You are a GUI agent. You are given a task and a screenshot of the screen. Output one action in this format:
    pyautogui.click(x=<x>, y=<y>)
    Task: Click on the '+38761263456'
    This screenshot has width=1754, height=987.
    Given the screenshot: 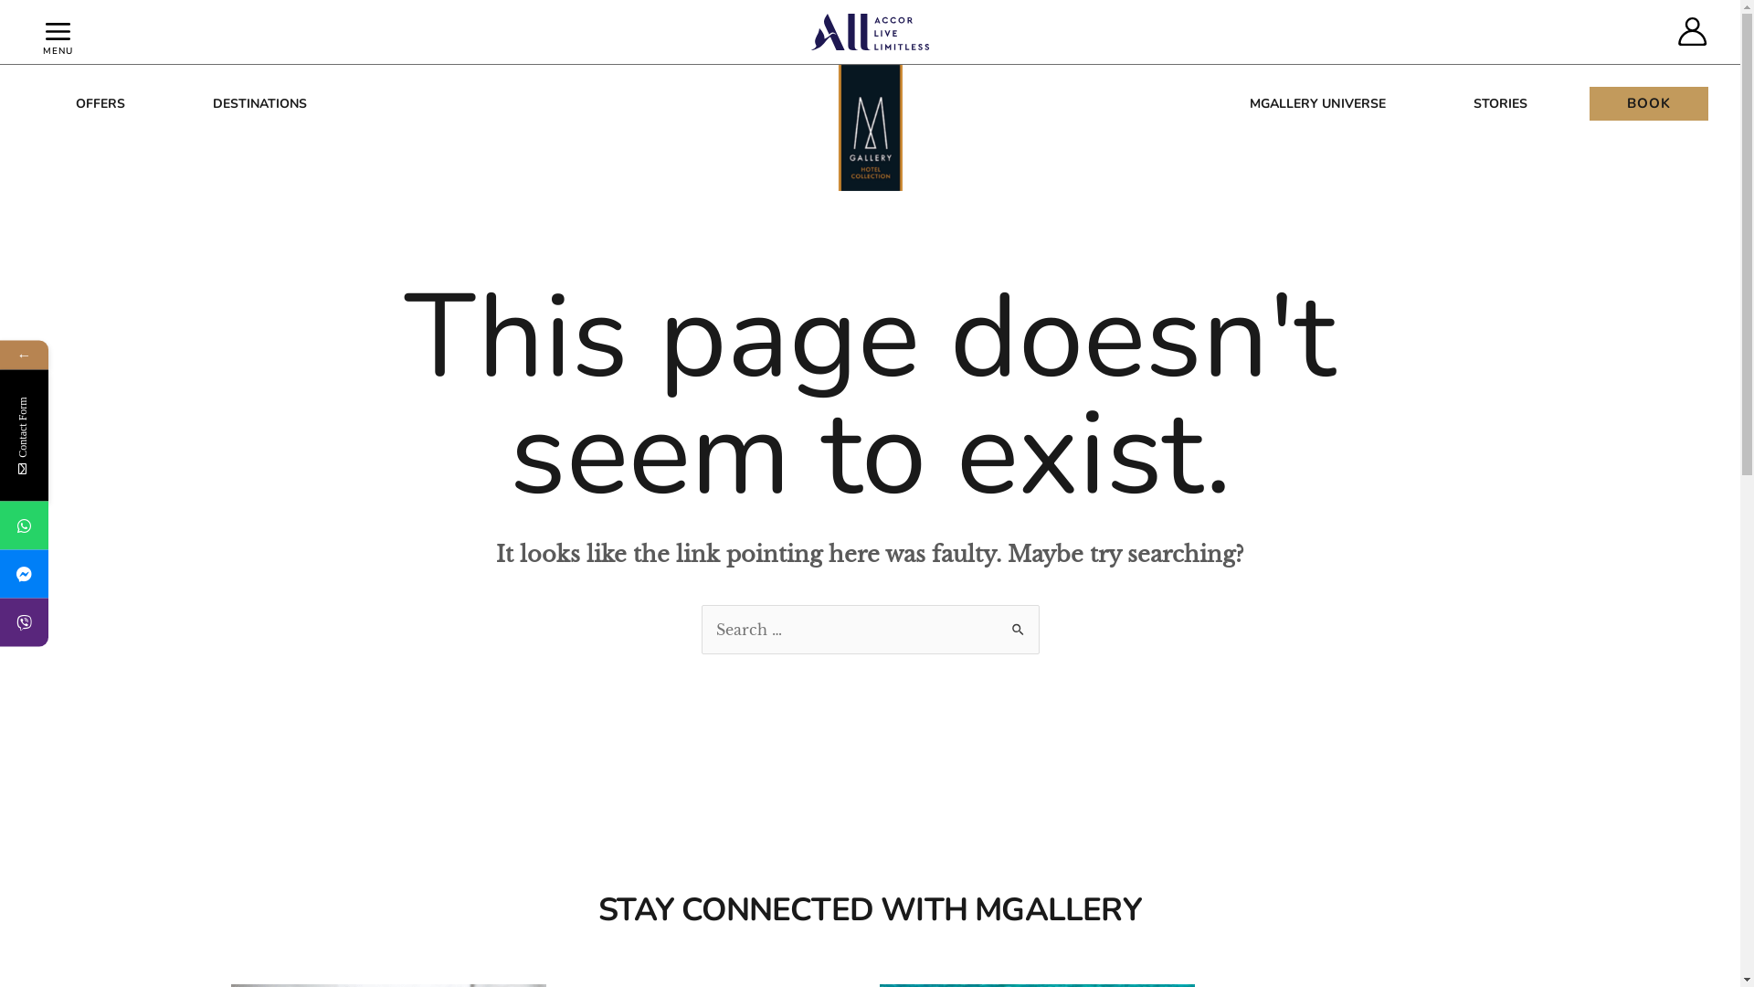 What is the action you would take?
    pyautogui.click(x=24, y=525)
    